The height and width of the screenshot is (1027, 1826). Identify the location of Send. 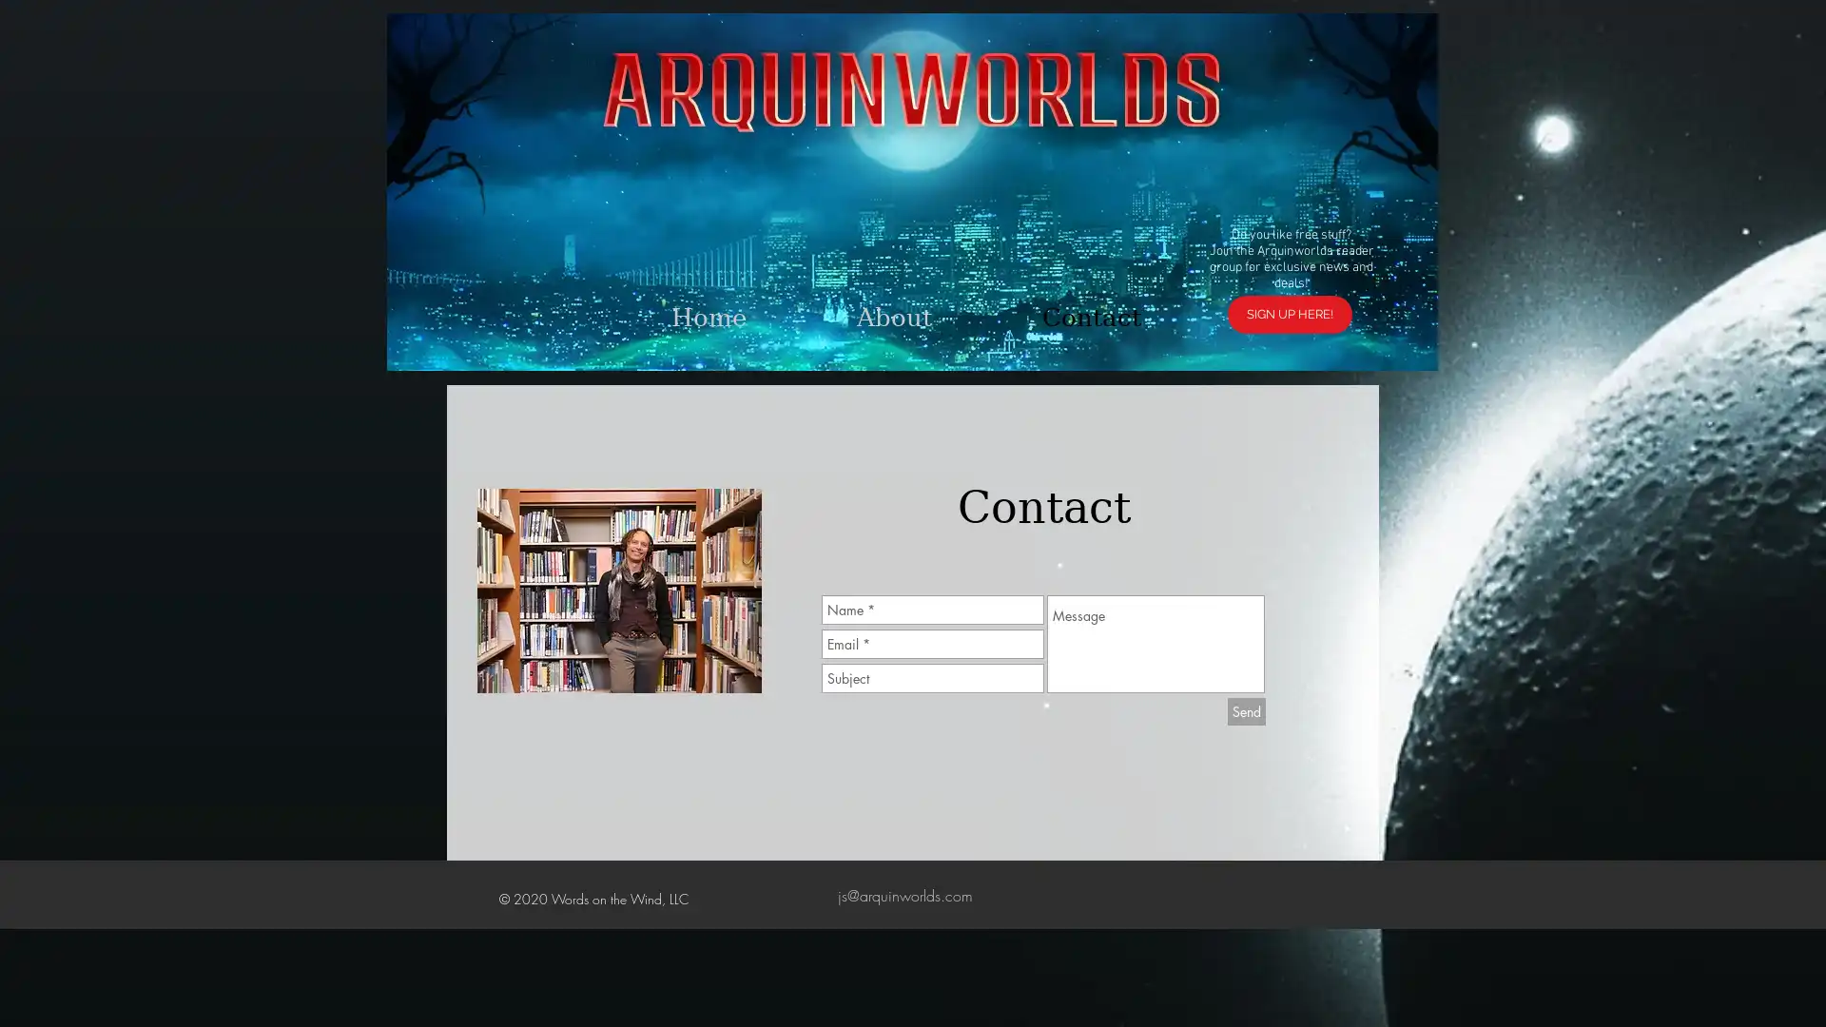
(1246, 711).